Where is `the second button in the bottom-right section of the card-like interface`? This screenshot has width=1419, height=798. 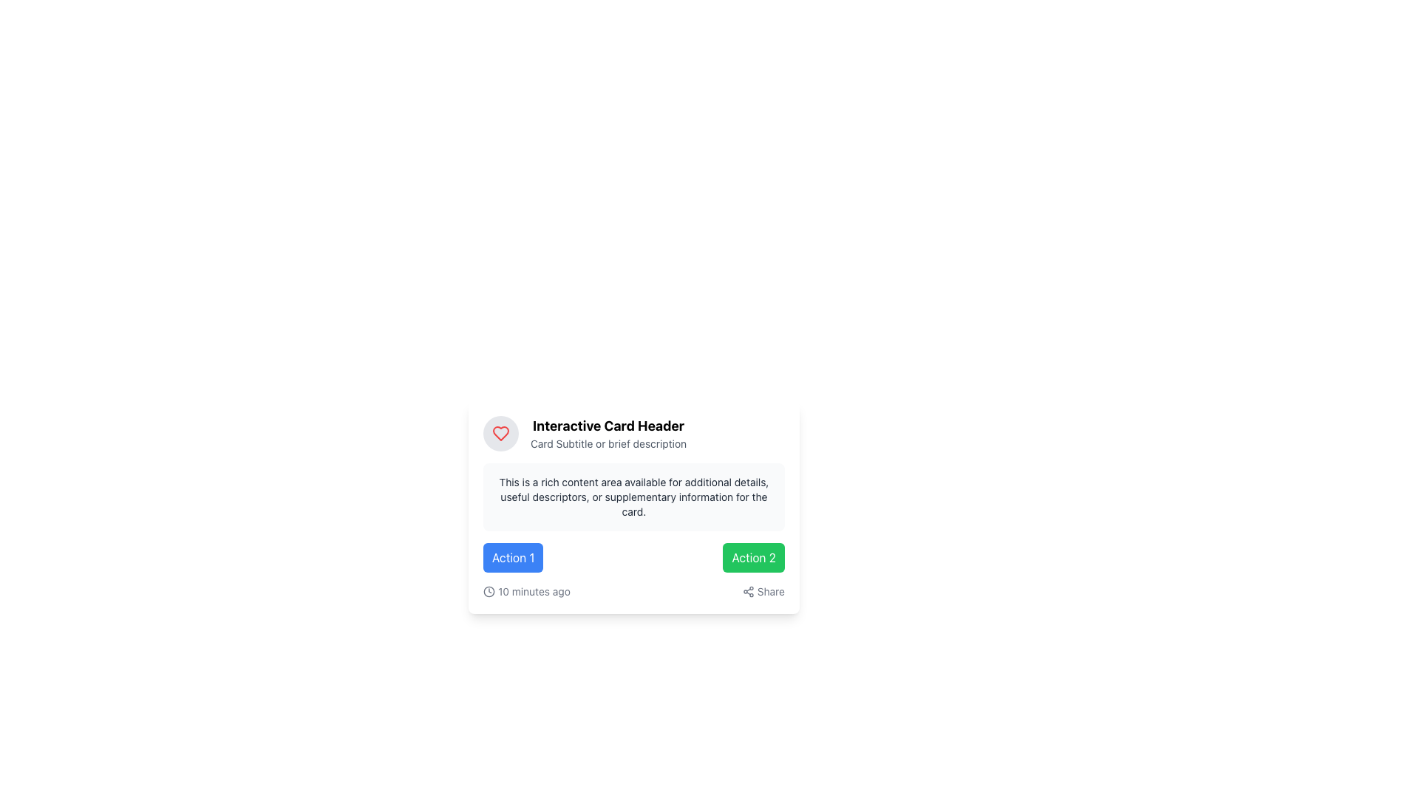 the second button in the bottom-right section of the card-like interface is located at coordinates (753, 558).